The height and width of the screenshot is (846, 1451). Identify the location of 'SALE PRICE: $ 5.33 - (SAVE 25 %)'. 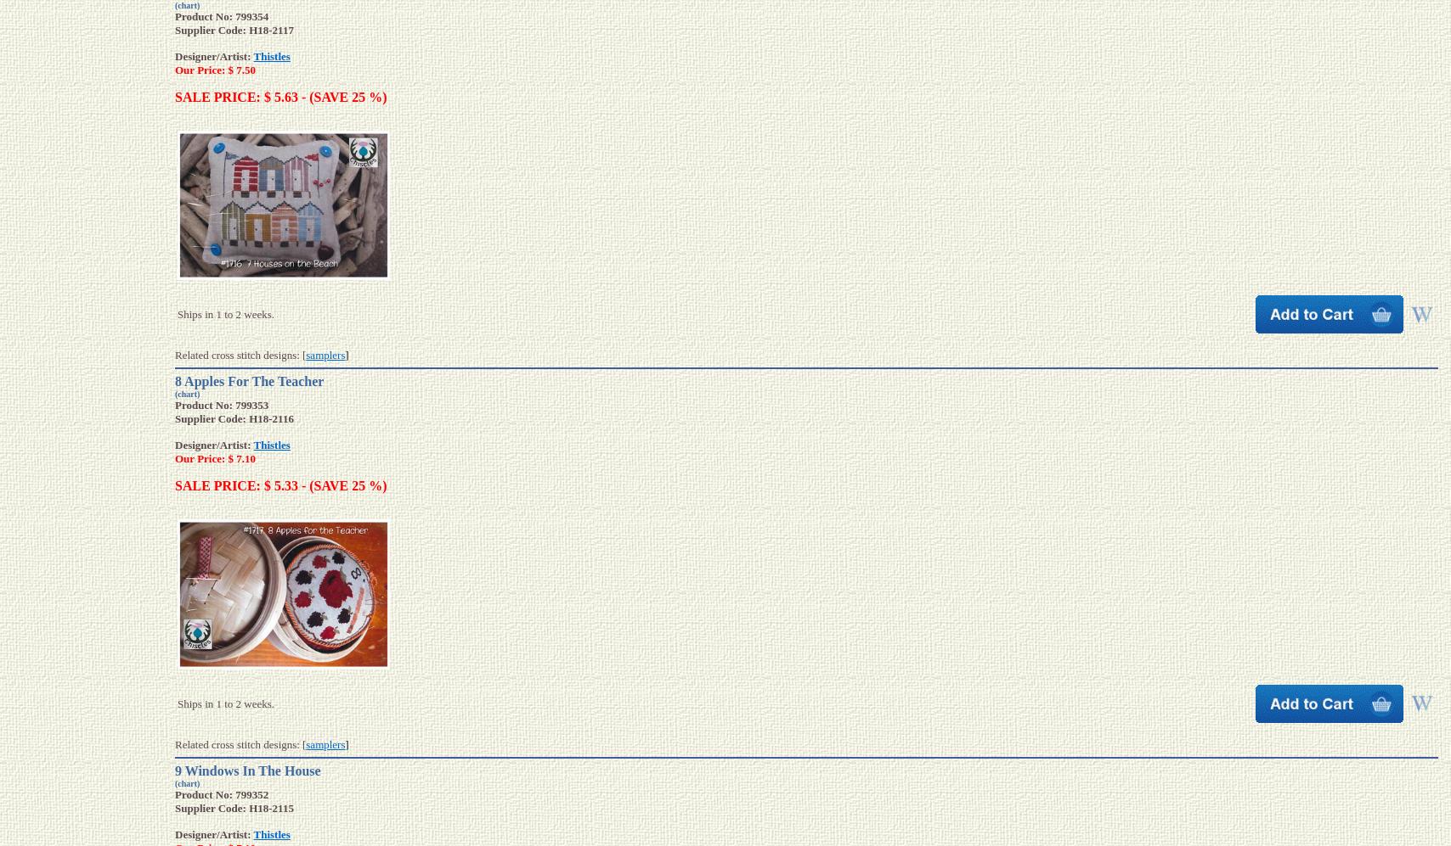
(280, 485).